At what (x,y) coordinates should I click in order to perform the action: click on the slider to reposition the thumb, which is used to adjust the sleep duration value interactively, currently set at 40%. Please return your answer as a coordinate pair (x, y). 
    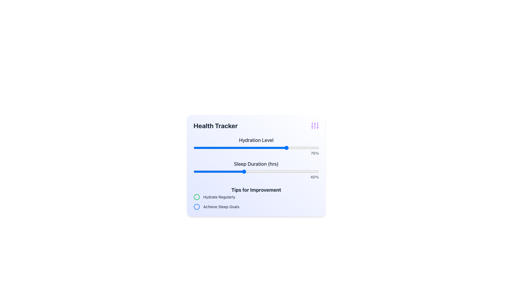
    Looking at the image, I should click on (256, 172).